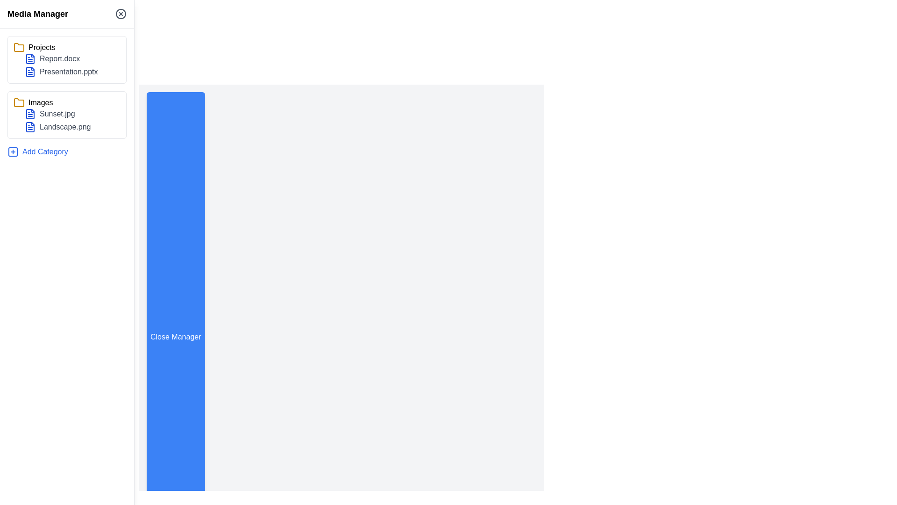 The height and width of the screenshot is (505, 897). What do you see at coordinates (72, 127) in the screenshot?
I see `the list item labeled 'Landscape.png' in the file manager` at bounding box center [72, 127].